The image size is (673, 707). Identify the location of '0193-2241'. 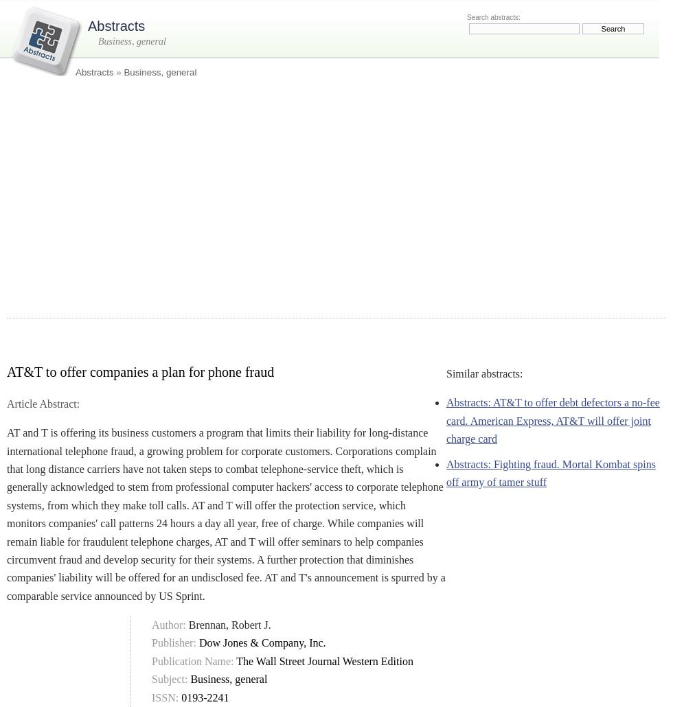
(205, 696).